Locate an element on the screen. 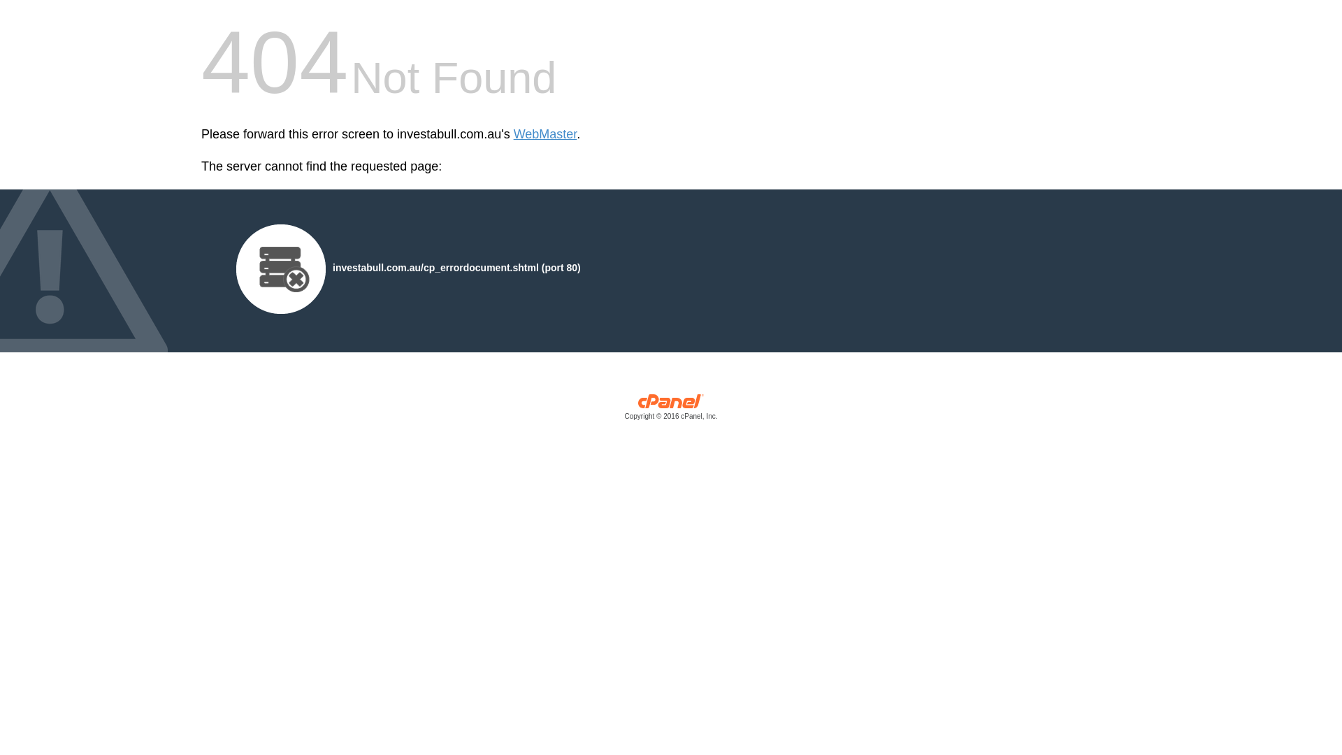 The height and width of the screenshot is (755, 1342). 'WebMaster' is located at coordinates (512, 134).